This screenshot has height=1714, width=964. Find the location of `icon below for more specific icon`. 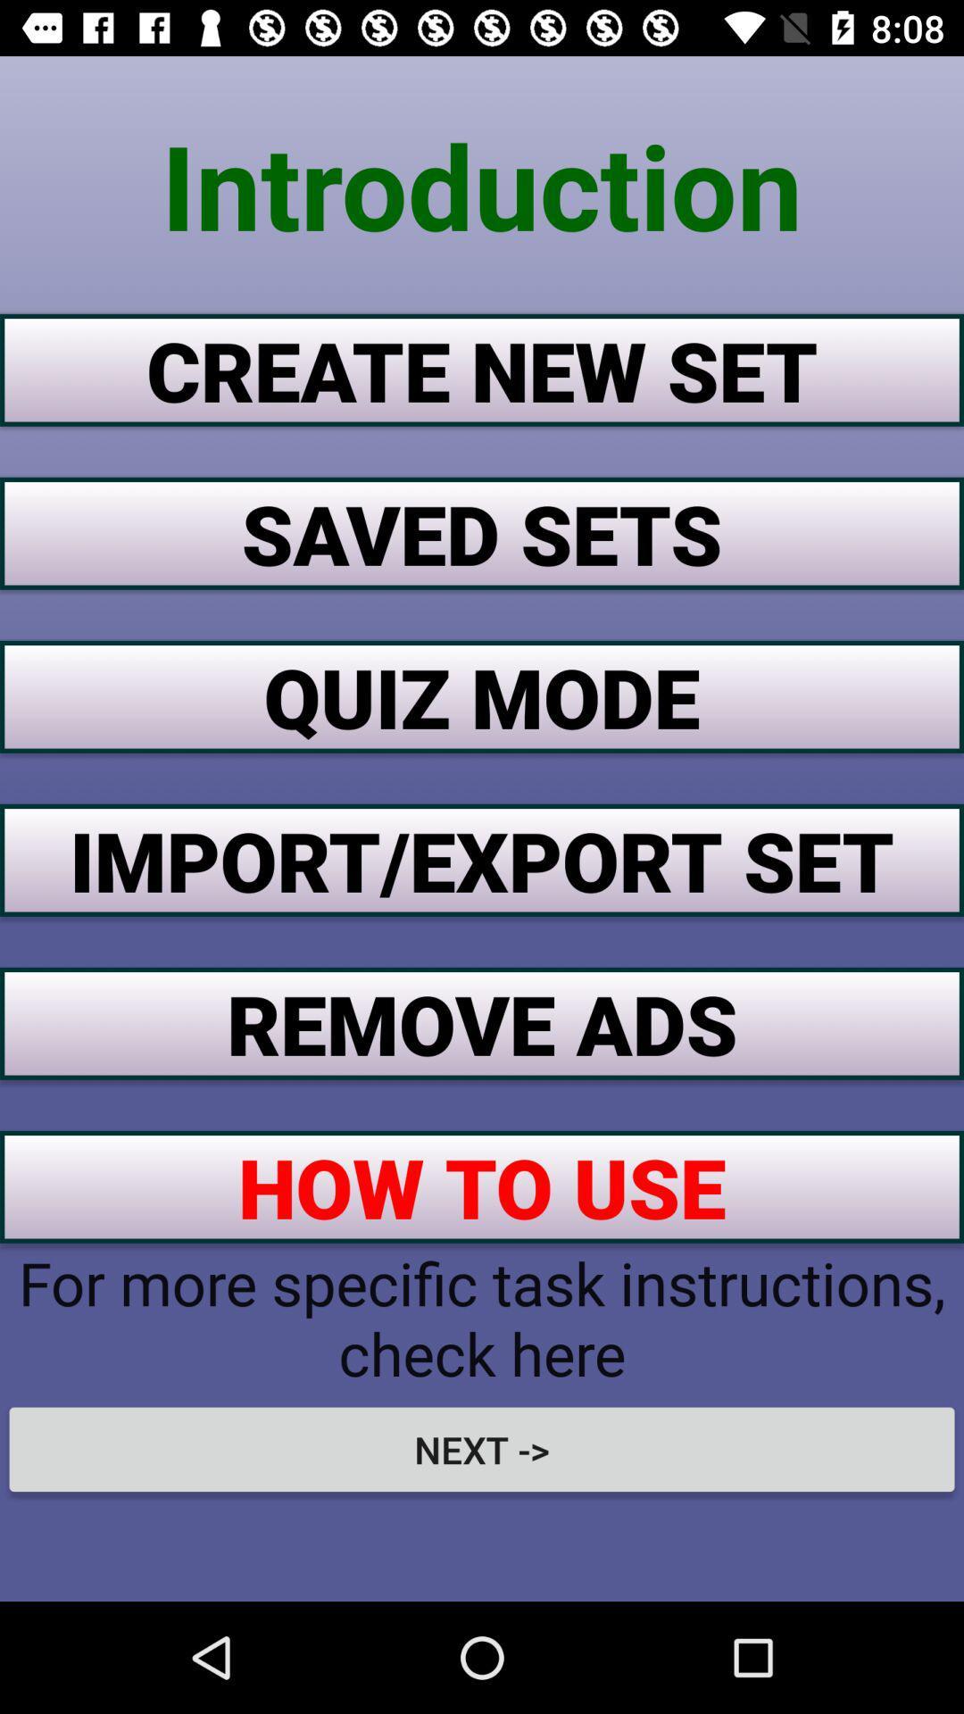

icon below for more specific icon is located at coordinates (482, 1449).